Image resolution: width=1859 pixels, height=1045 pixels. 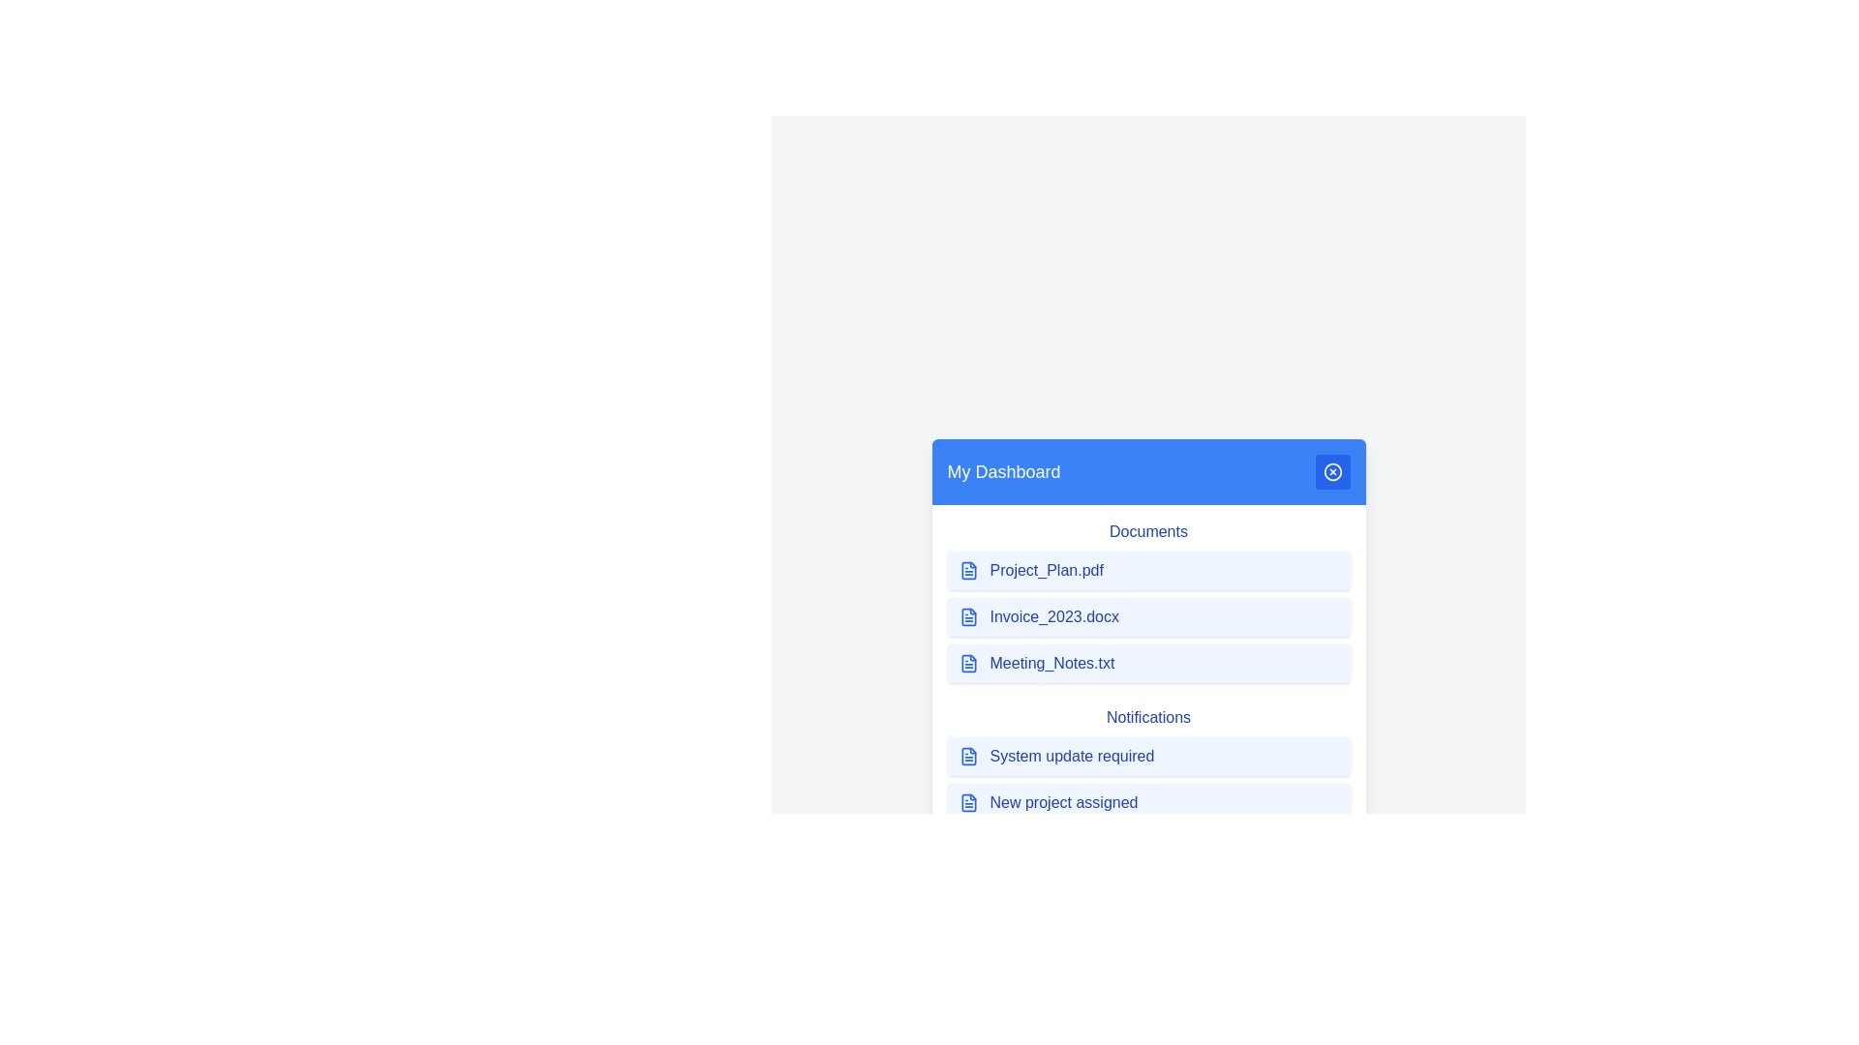 What do you see at coordinates (1148, 802) in the screenshot?
I see `the item New project assigned from the menu` at bounding box center [1148, 802].